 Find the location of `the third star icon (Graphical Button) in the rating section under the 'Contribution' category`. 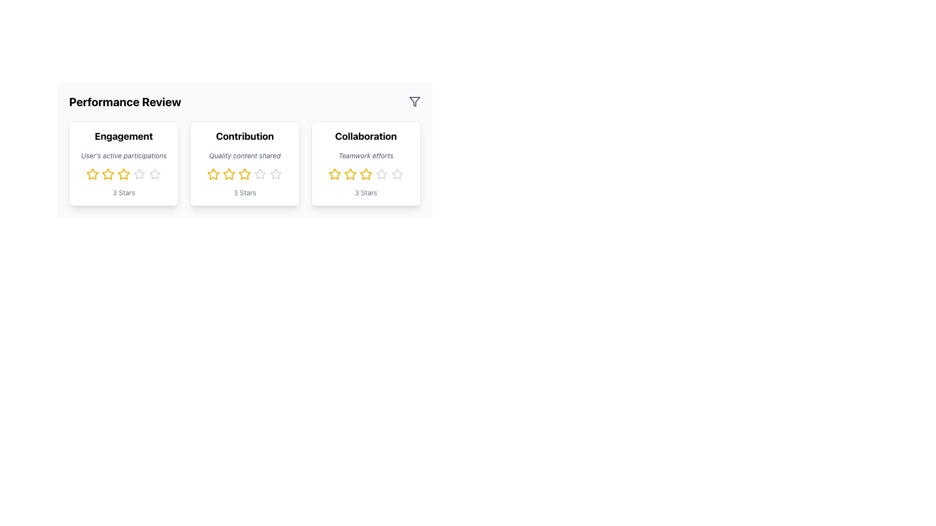

the third star icon (Graphical Button) in the rating section under the 'Contribution' category is located at coordinates (229, 173).